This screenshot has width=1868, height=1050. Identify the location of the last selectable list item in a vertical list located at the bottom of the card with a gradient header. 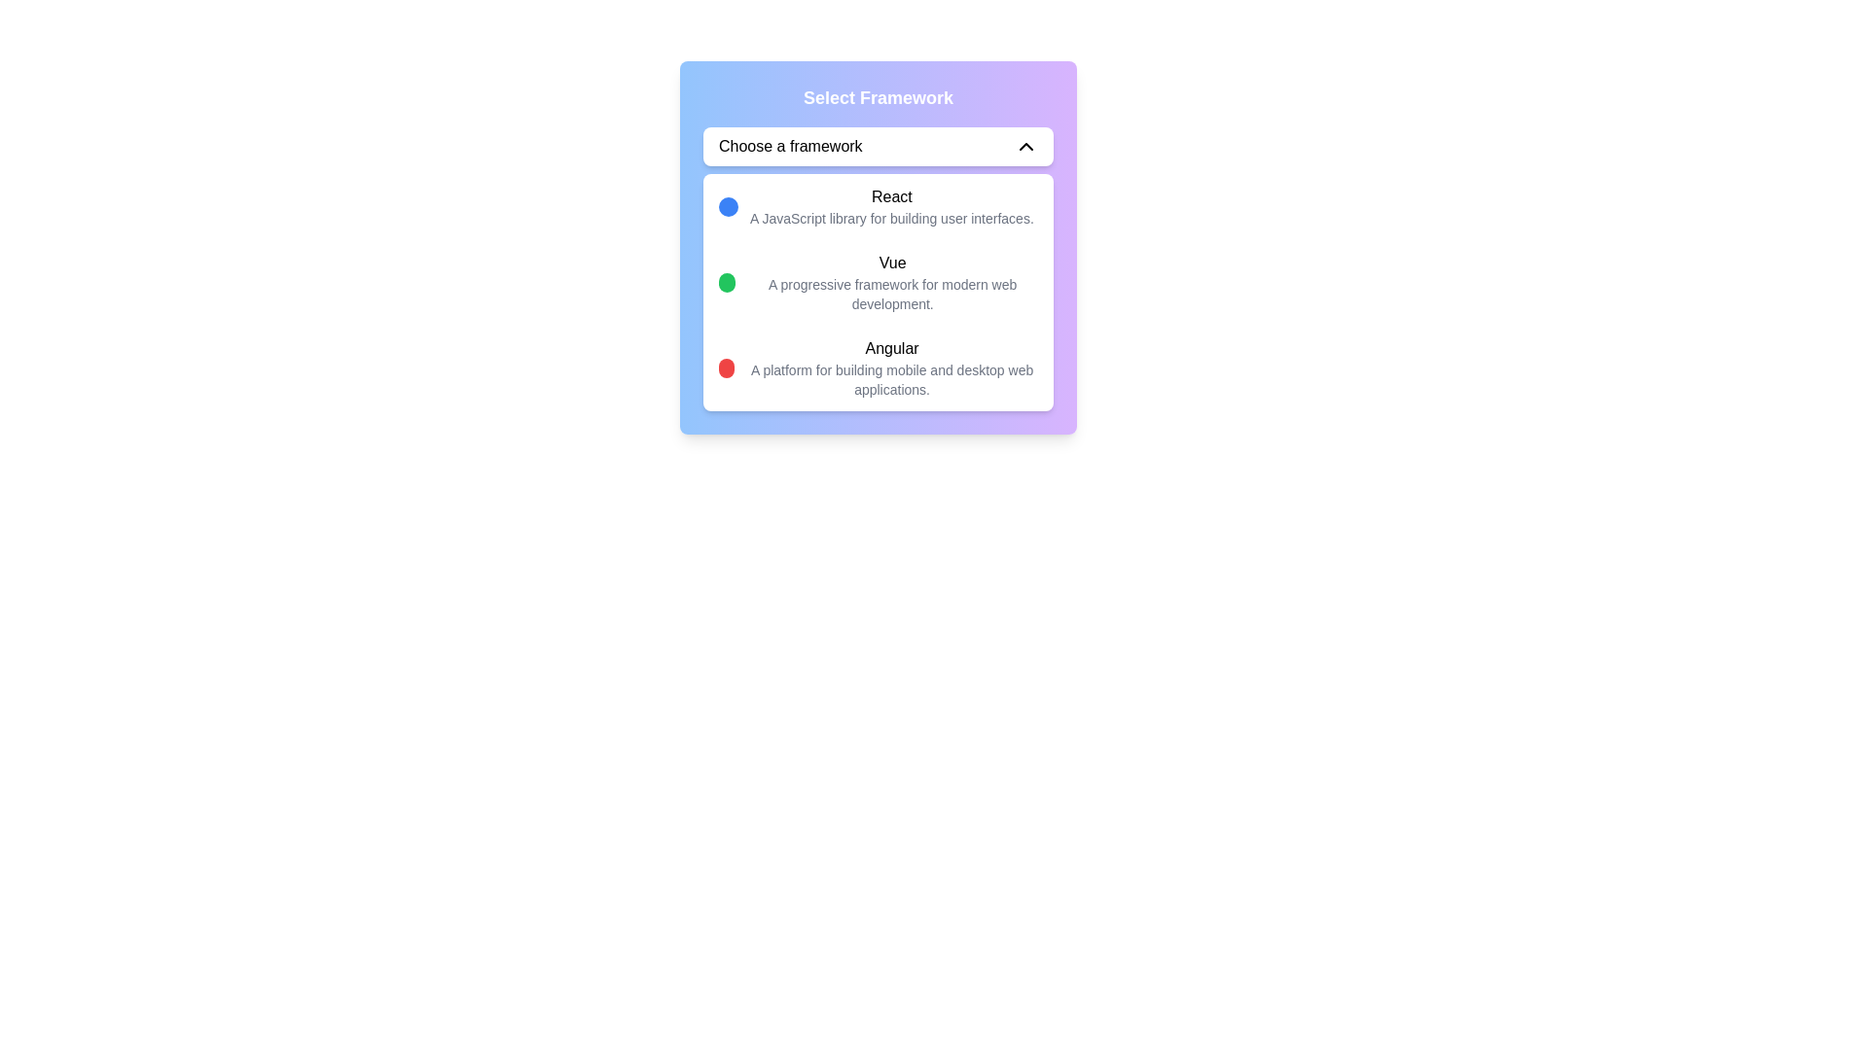
(877, 367).